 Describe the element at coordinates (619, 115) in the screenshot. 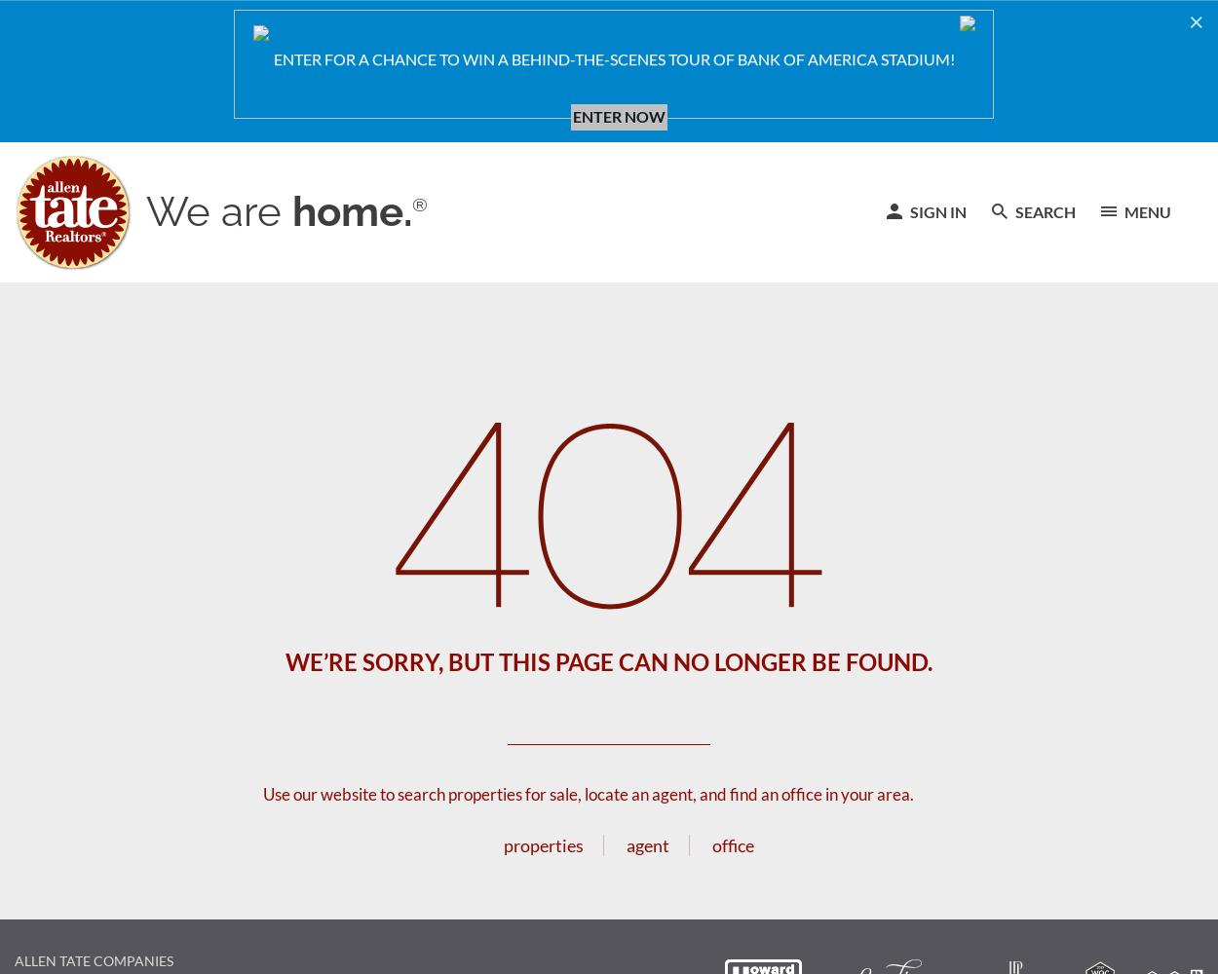

I see `'ENTER NOW'` at that location.